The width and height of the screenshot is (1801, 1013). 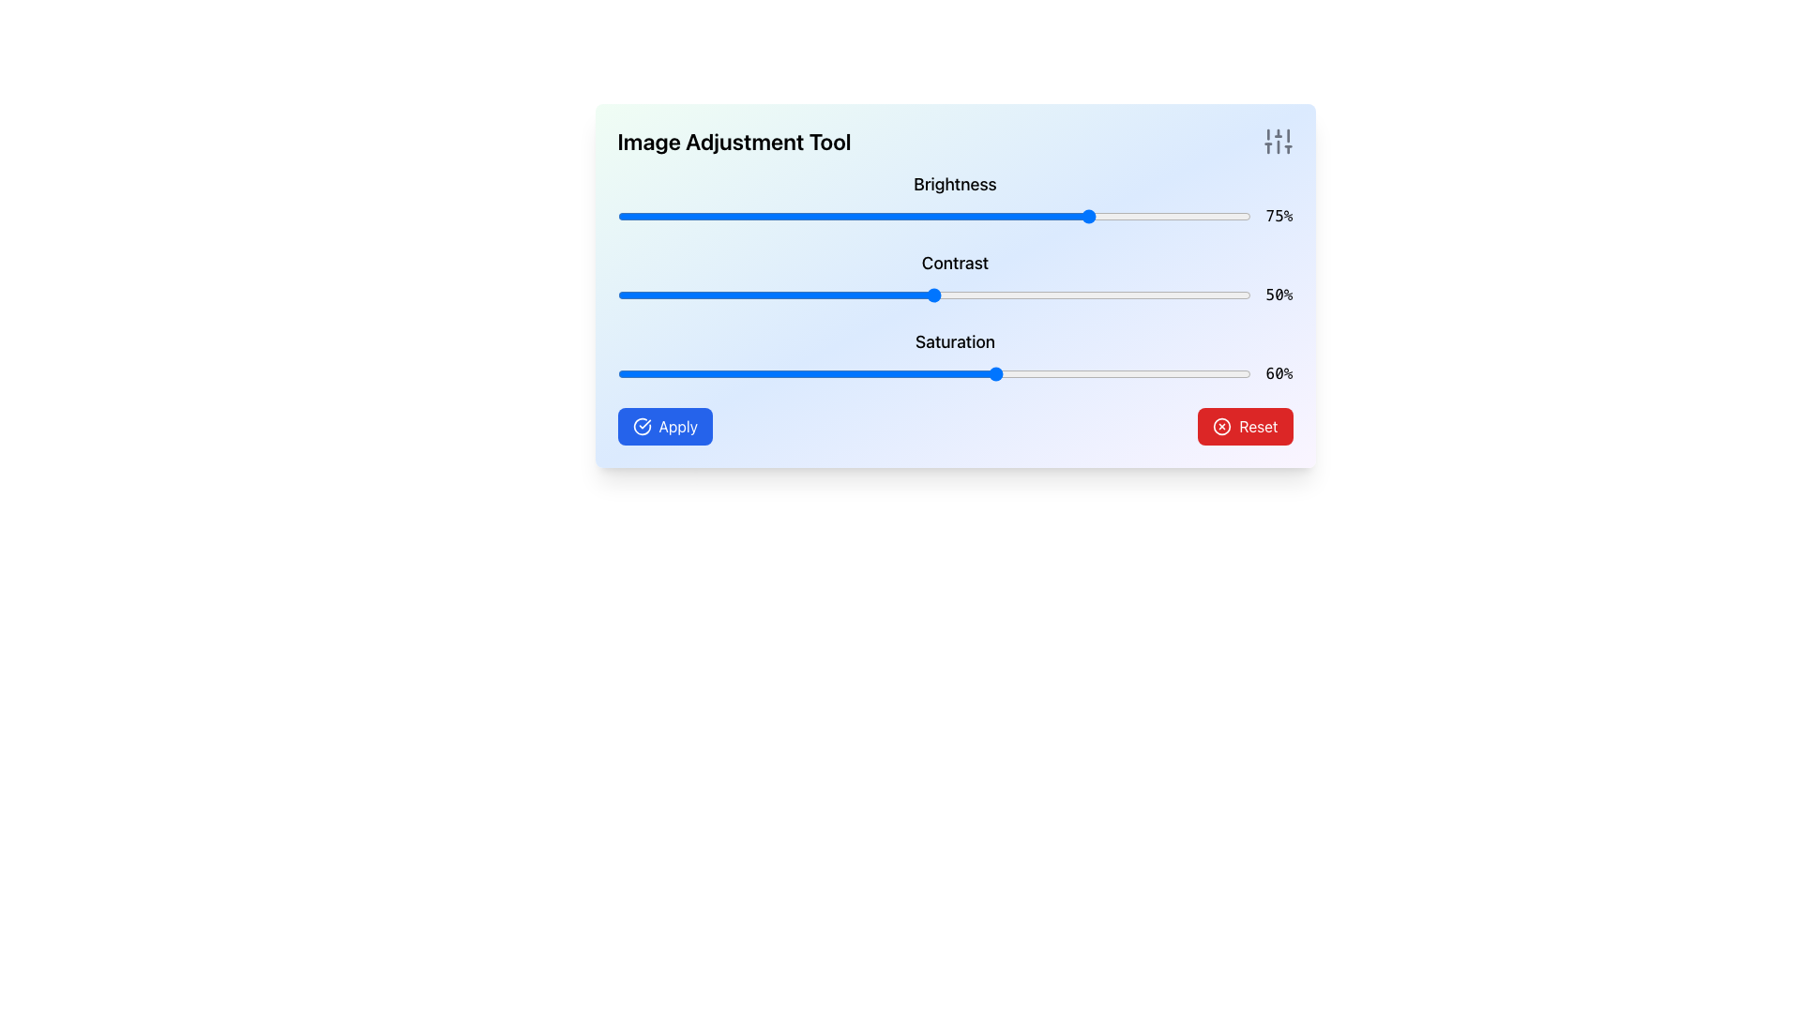 I want to click on contrast, so click(x=928, y=295).